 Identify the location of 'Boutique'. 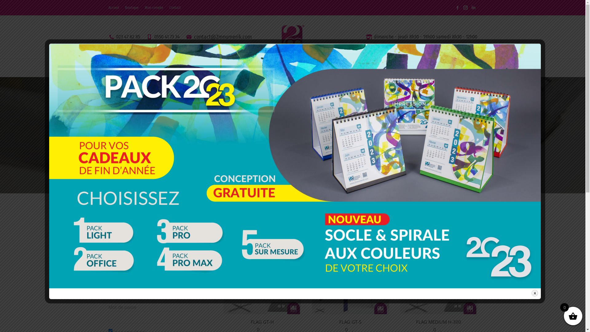
(131, 7).